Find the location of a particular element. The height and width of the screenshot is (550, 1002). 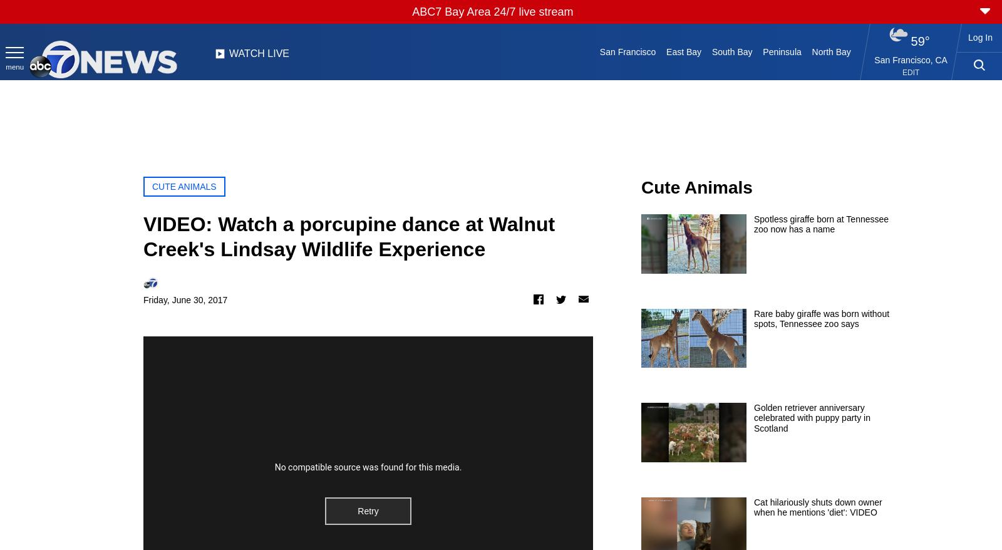

'San Francisco' is located at coordinates (627, 51).